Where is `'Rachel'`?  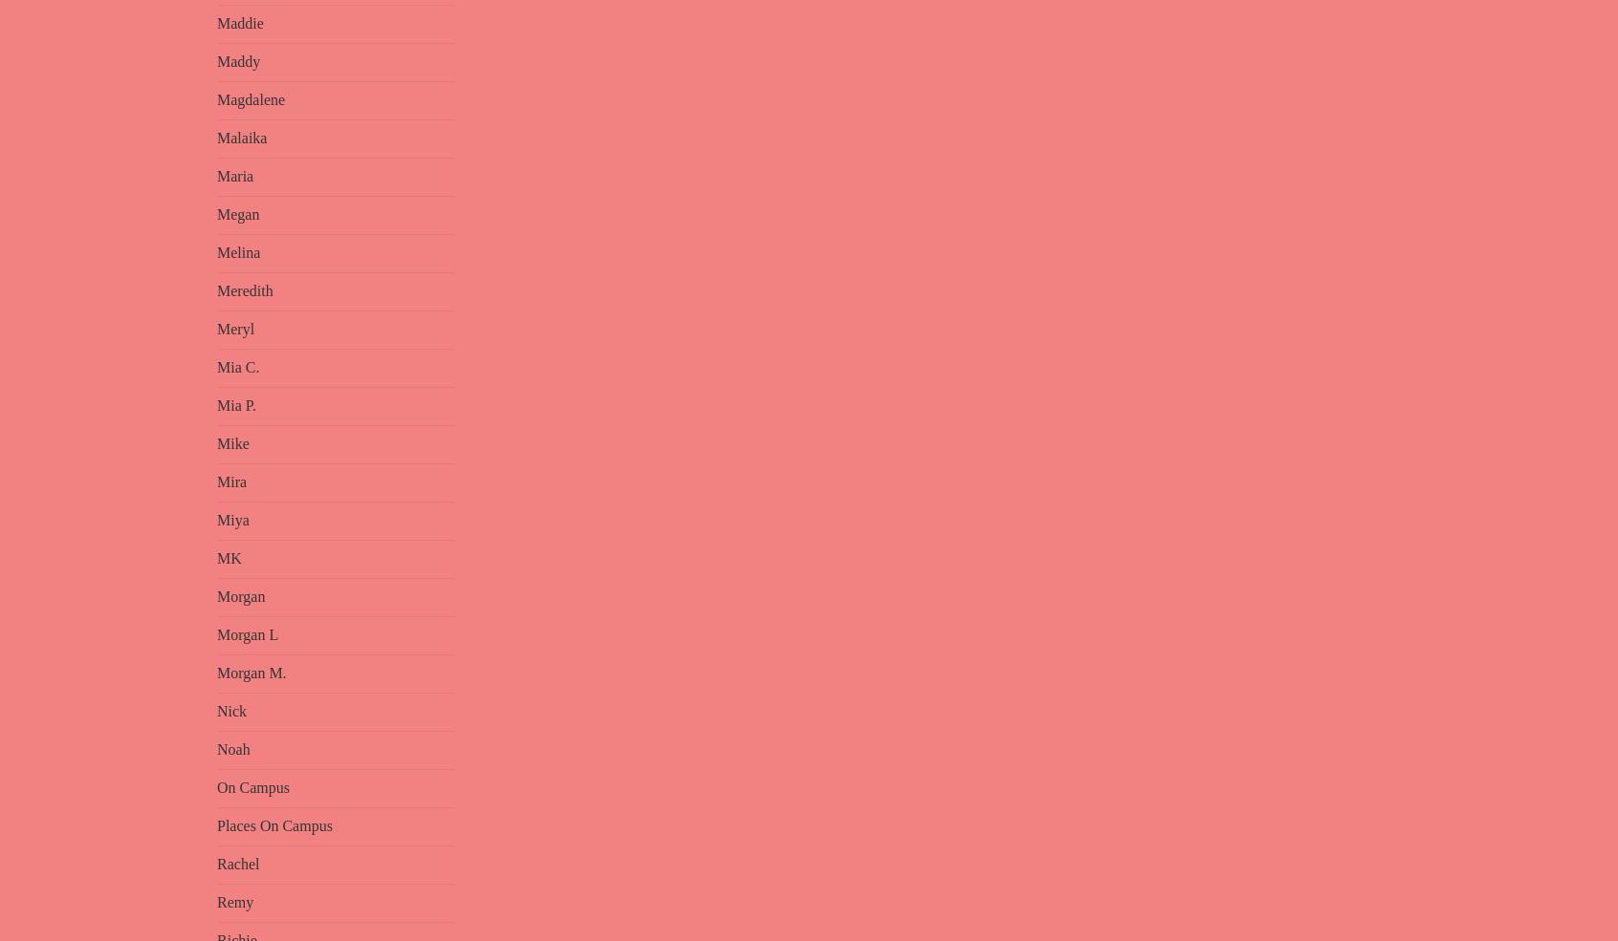 'Rachel' is located at coordinates (217, 864).